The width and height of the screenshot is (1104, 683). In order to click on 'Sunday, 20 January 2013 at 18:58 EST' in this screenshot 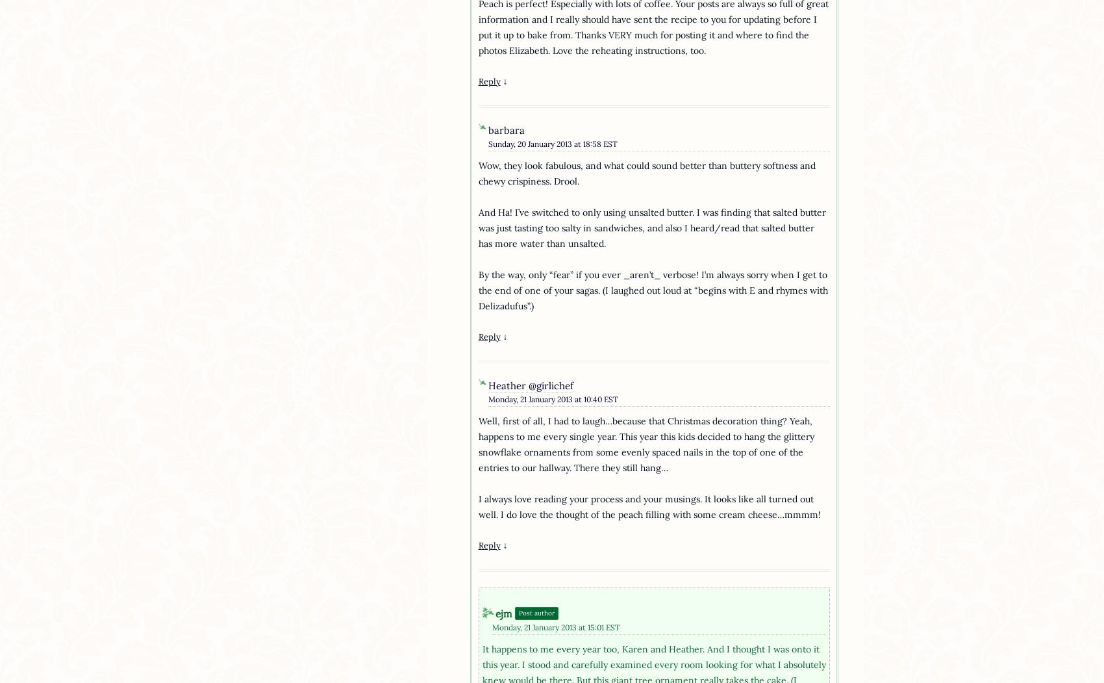, I will do `click(552, 142)`.